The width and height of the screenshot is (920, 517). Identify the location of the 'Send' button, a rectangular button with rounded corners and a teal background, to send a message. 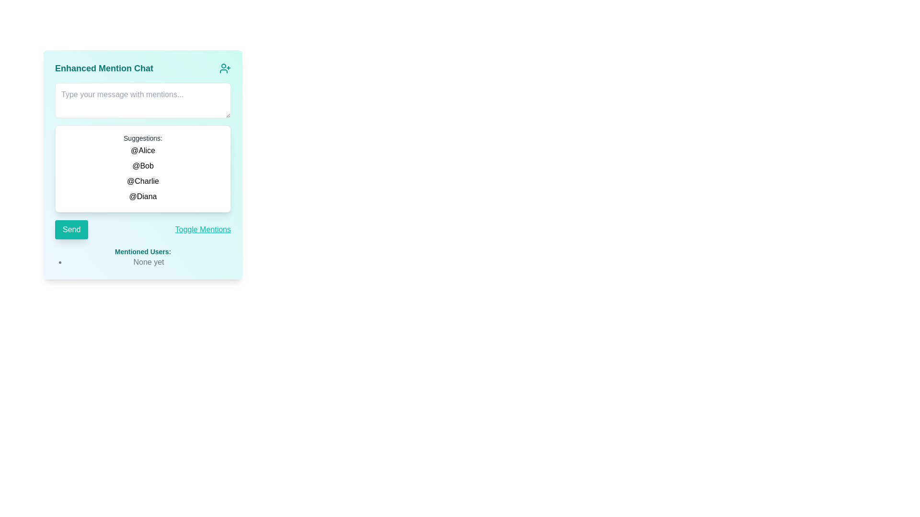
(71, 229).